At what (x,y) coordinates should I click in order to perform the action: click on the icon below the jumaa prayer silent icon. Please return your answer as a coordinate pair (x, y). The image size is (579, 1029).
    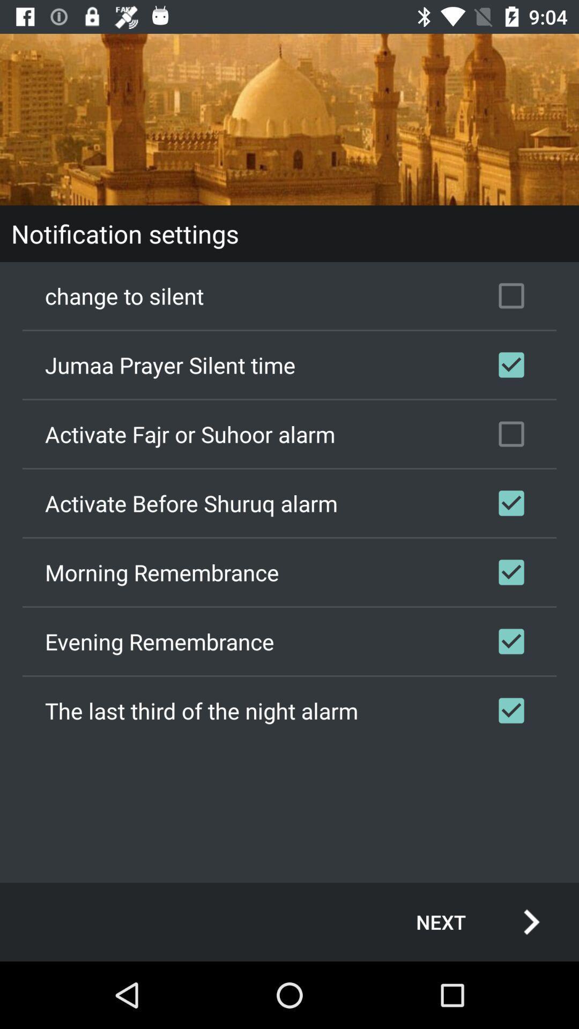
    Looking at the image, I should click on (289, 434).